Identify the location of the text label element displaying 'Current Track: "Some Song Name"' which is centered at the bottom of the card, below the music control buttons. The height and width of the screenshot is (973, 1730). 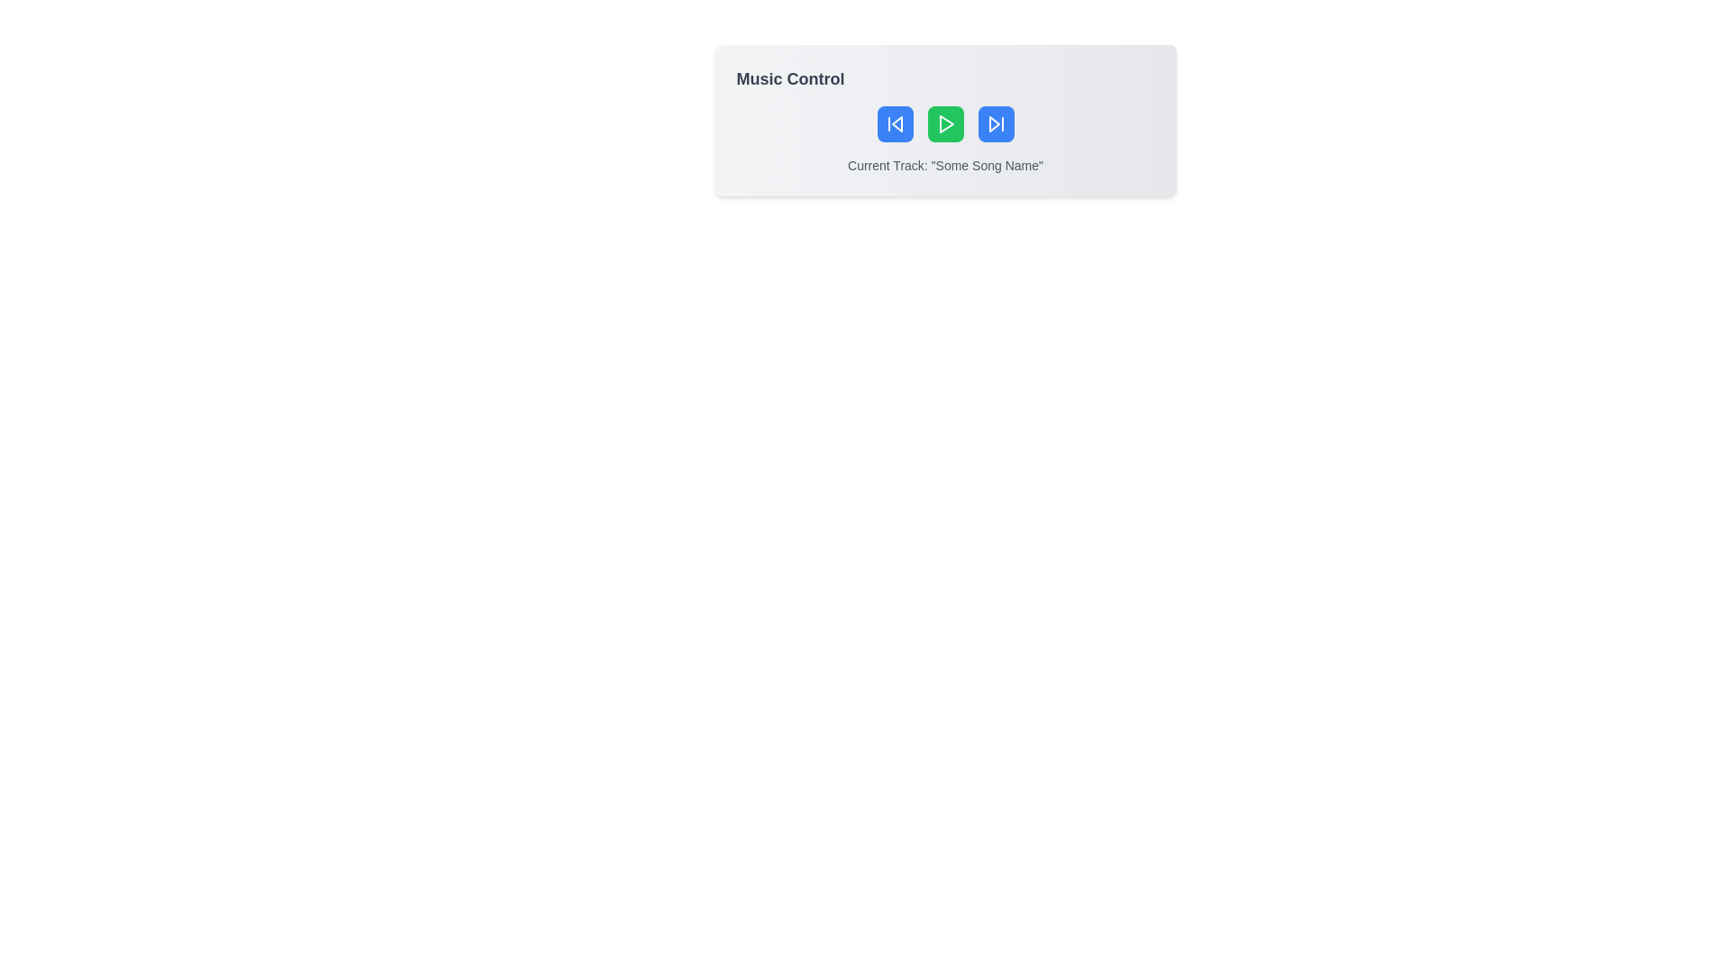
(944, 166).